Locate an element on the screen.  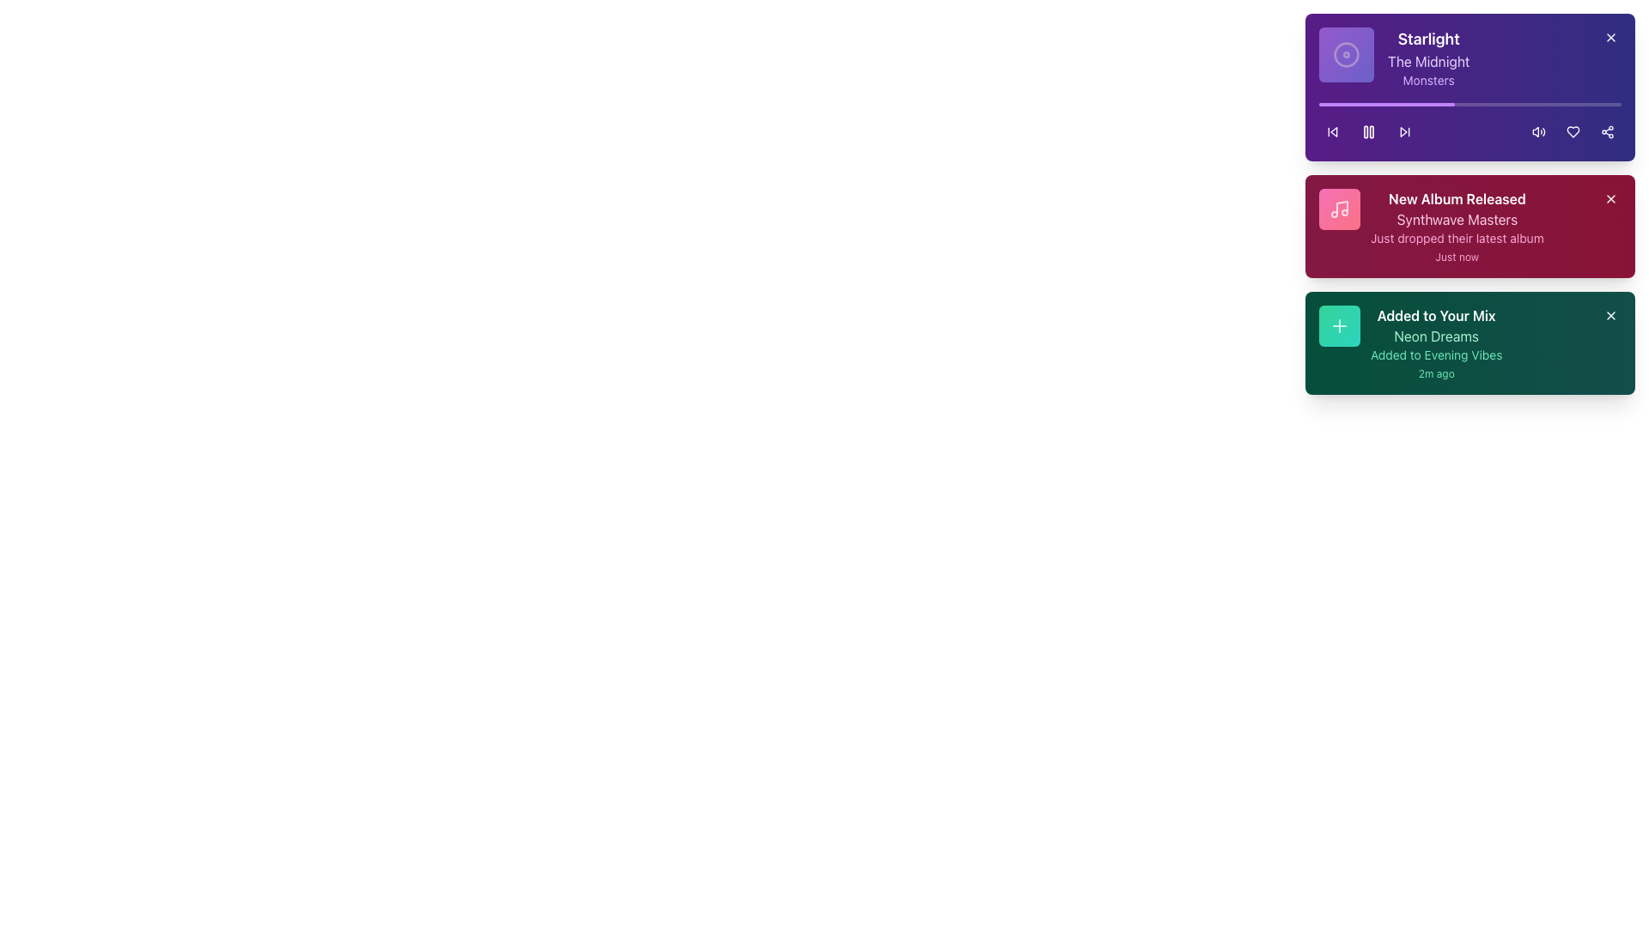
the heart icon, which is styled with a white outline against a purple background and is positioned as the middle icon in a horizontal arrangement of three icons, to like the item is located at coordinates (1573, 131).